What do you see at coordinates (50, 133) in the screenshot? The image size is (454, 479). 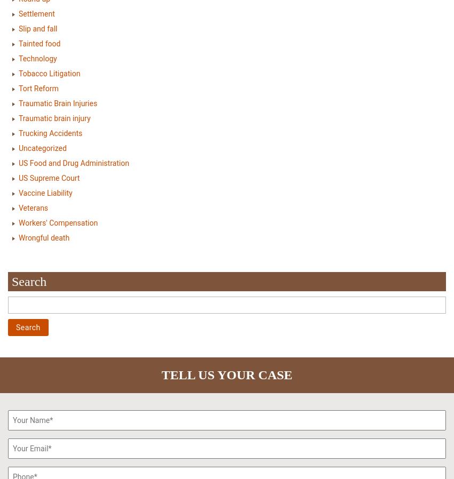 I see `'Trucking Accidents'` at bounding box center [50, 133].